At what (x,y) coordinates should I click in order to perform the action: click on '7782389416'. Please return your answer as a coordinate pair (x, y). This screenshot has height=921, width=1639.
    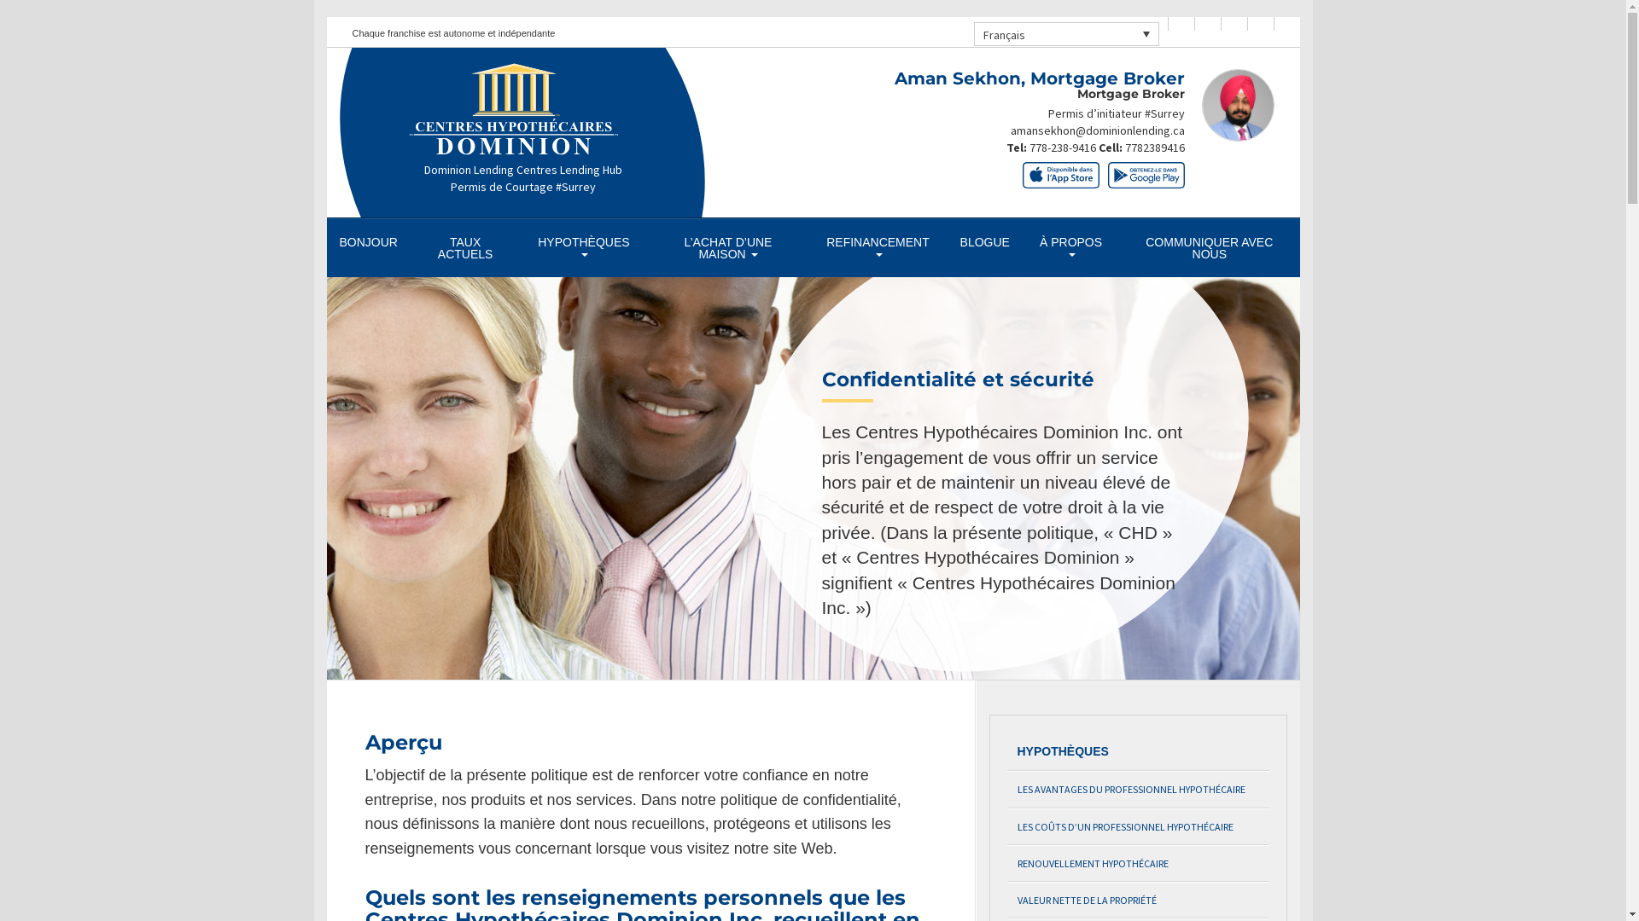
    Looking at the image, I should click on (1125, 147).